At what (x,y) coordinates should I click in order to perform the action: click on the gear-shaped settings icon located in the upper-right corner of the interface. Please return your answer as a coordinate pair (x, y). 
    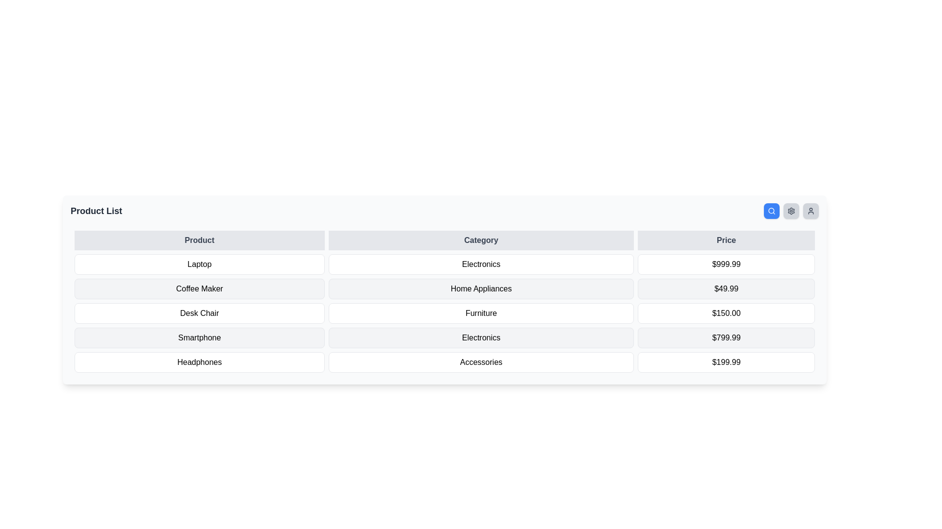
    Looking at the image, I should click on (791, 211).